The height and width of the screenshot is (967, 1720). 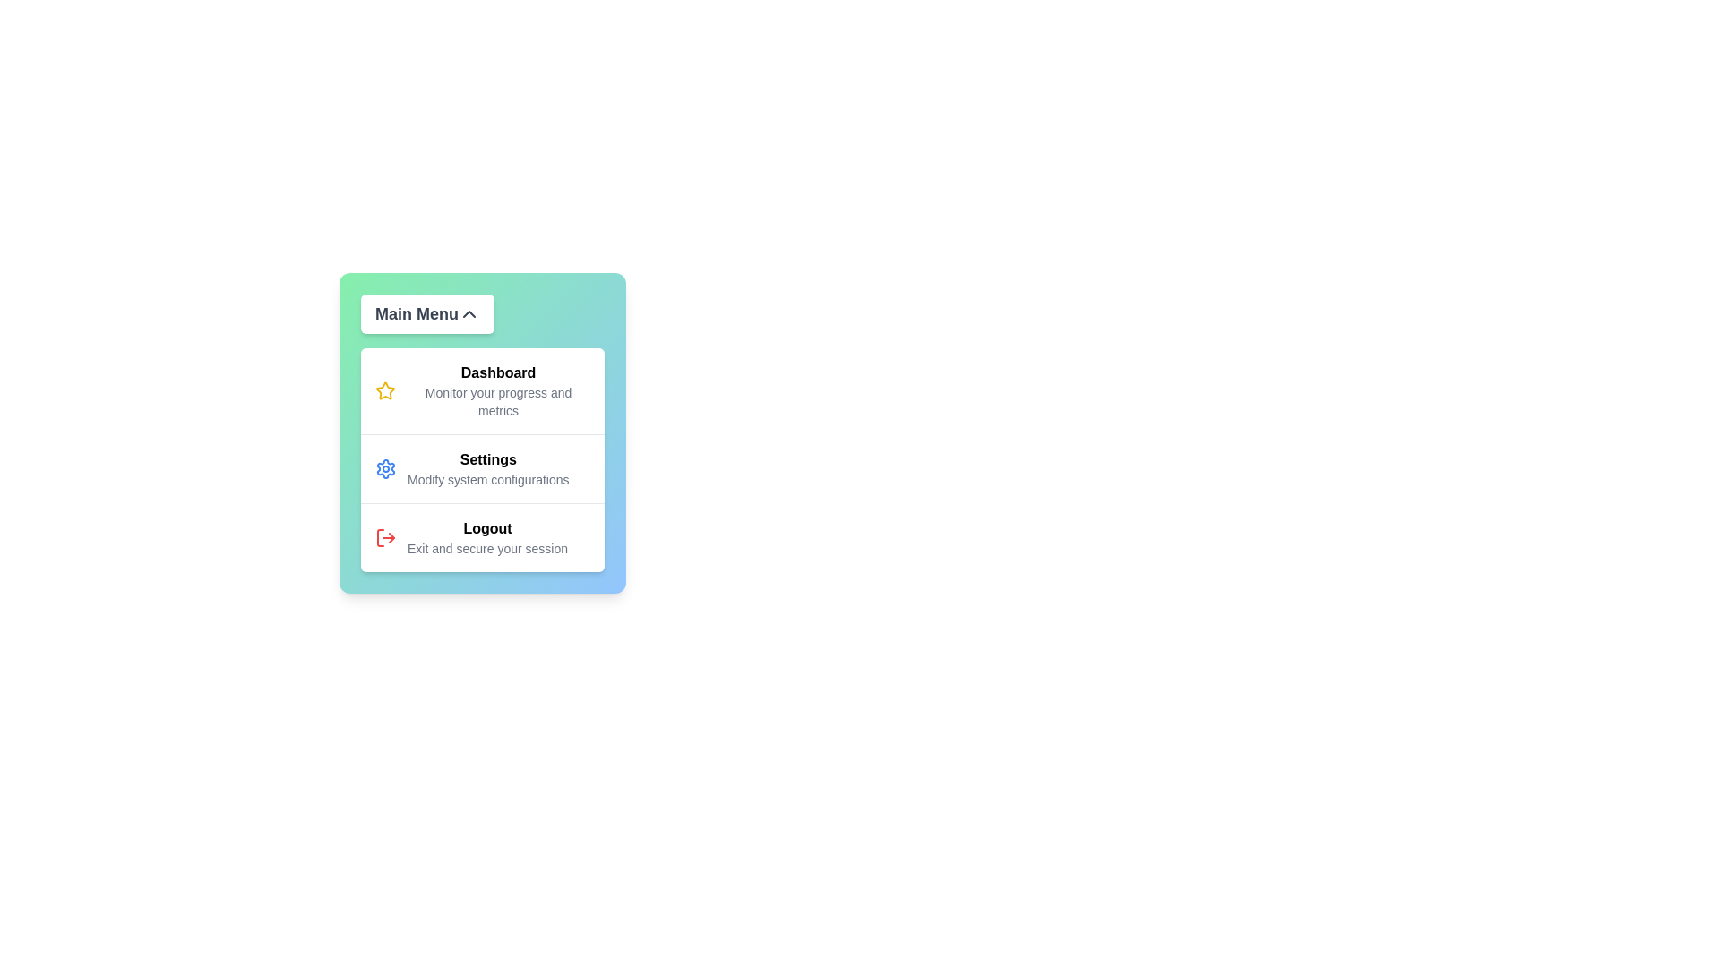 What do you see at coordinates (482, 467) in the screenshot?
I see `the menu item Settings to interact with it` at bounding box center [482, 467].